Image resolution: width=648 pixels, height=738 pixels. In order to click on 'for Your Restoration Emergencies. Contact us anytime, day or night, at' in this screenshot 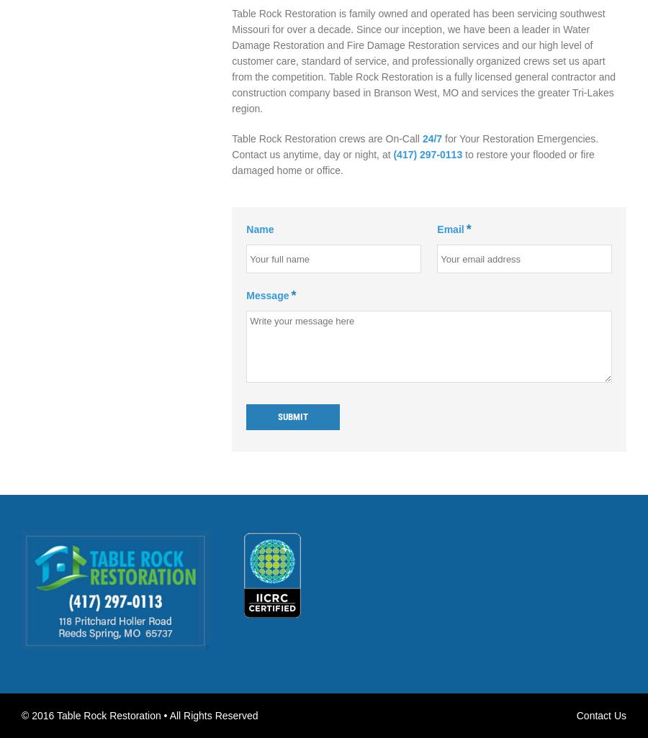, I will do `click(231, 145)`.